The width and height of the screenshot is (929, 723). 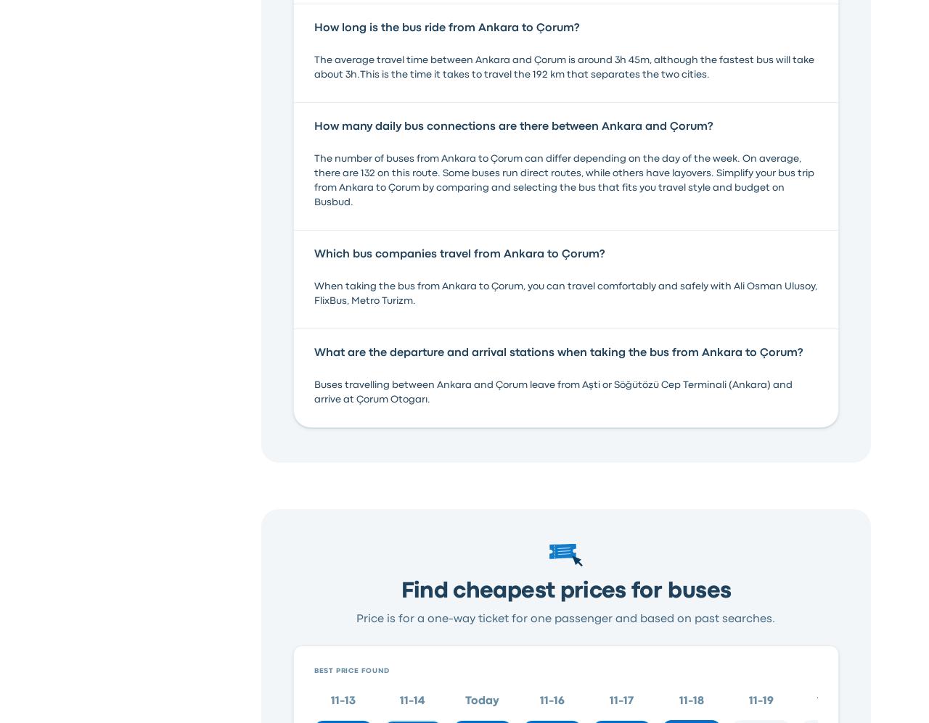 What do you see at coordinates (458, 253) in the screenshot?
I see `'Which bus companies travel from Ankara to Çorum?'` at bounding box center [458, 253].